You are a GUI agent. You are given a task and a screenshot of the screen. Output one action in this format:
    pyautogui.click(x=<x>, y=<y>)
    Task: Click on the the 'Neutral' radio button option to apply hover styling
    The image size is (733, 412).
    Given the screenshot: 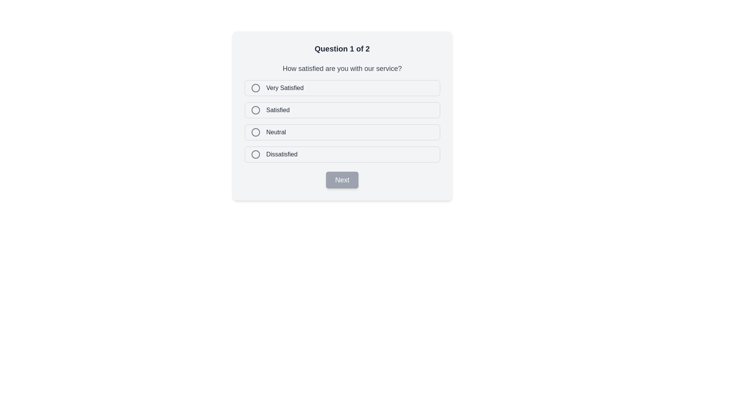 What is the action you would take?
    pyautogui.click(x=342, y=132)
    